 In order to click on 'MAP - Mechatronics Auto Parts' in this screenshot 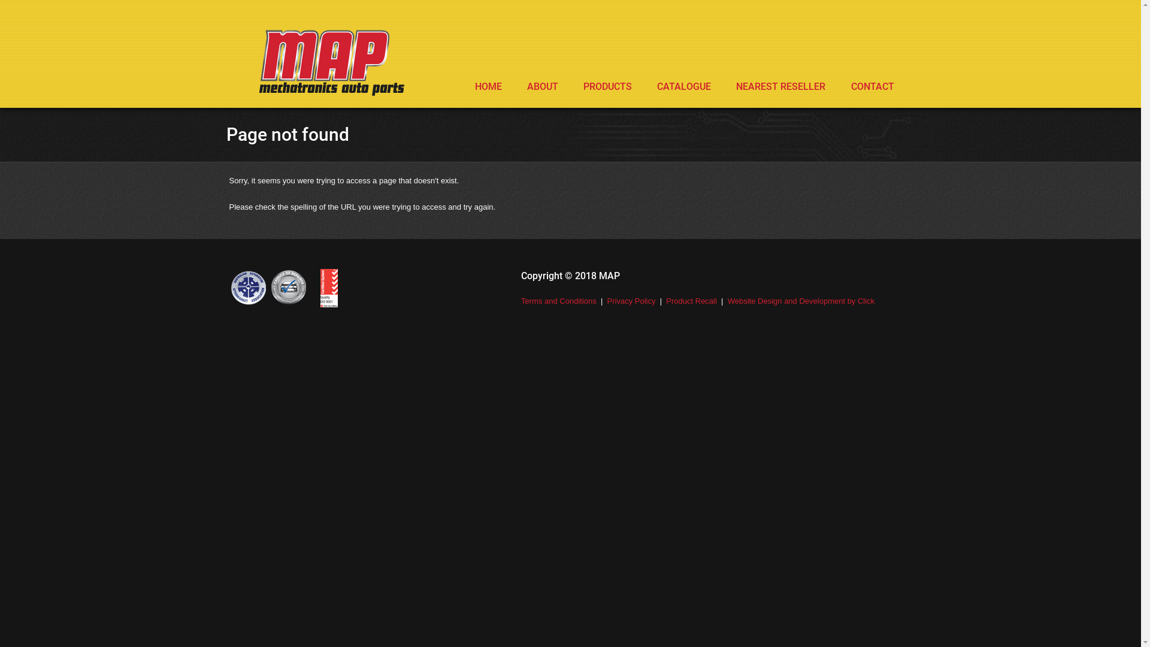, I will do `click(331, 62)`.